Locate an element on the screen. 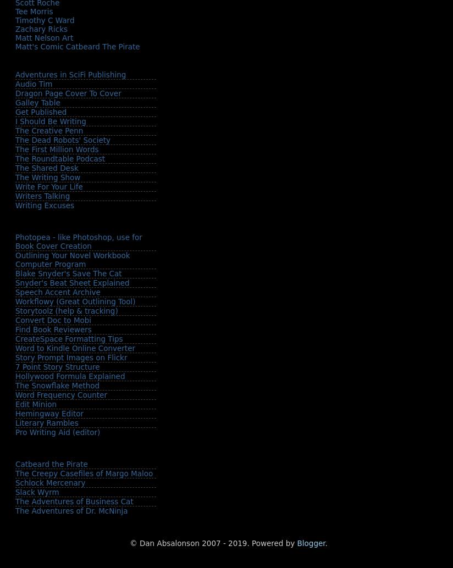 Image resolution: width=453 pixels, height=568 pixels. 'Speech Accent Archive' is located at coordinates (57, 291).